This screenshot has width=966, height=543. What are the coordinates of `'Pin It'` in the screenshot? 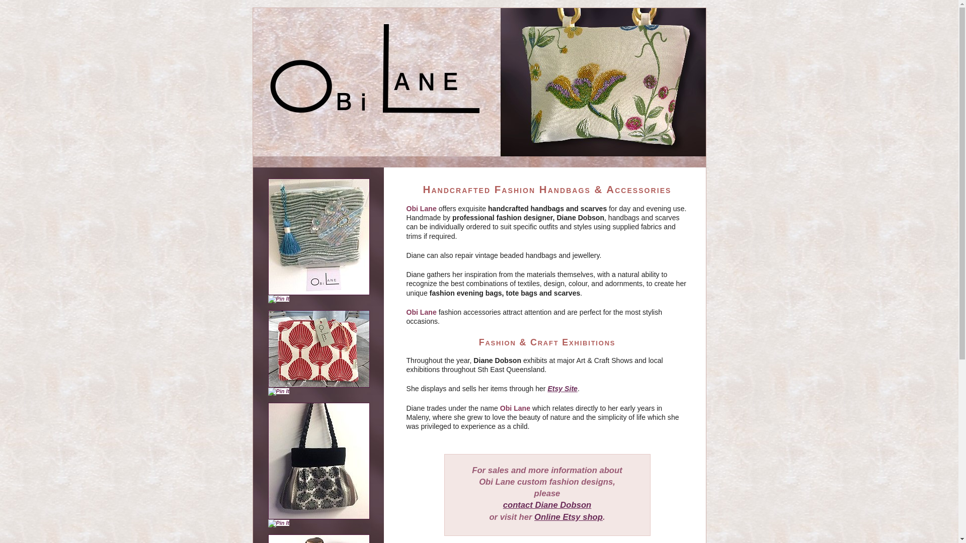 It's located at (278, 298).